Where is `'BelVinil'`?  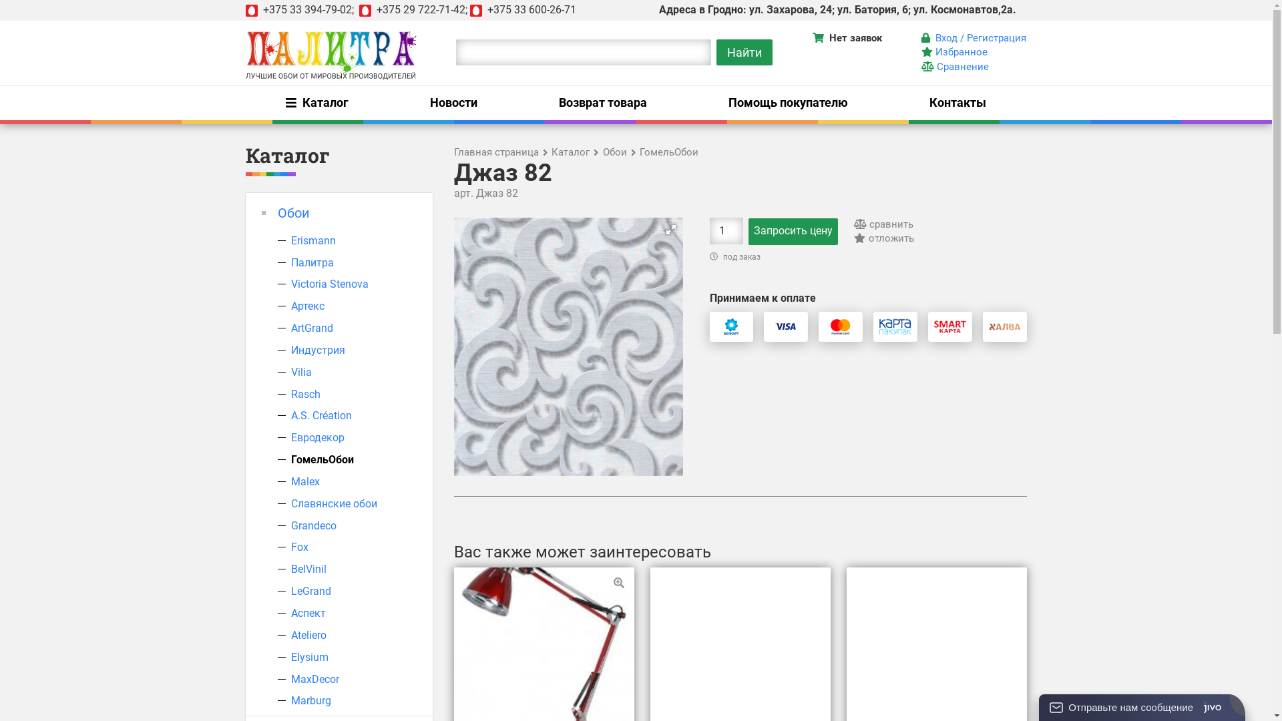 'BelVinil' is located at coordinates (290, 569).